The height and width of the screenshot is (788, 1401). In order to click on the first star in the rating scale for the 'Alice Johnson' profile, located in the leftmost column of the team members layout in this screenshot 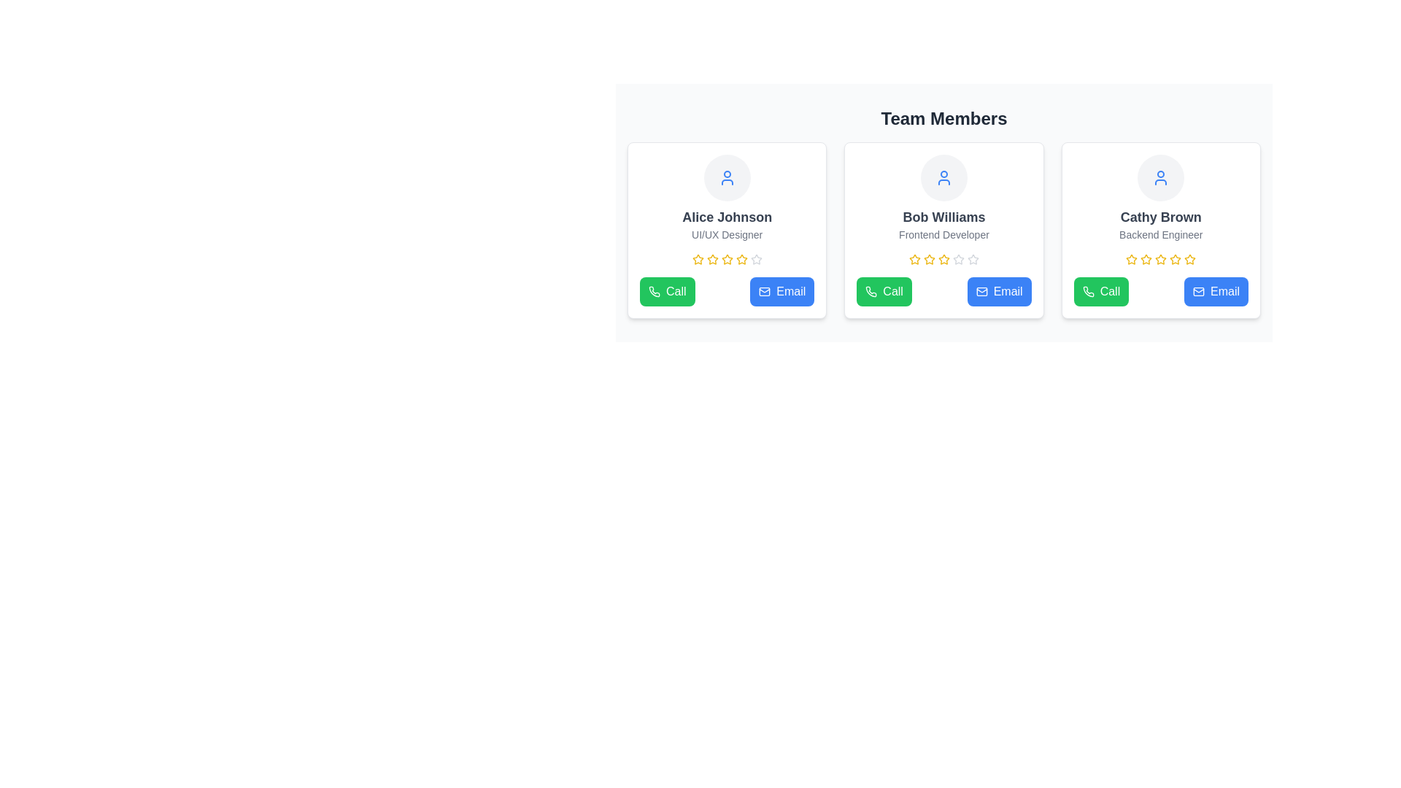, I will do `click(697, 258)`.